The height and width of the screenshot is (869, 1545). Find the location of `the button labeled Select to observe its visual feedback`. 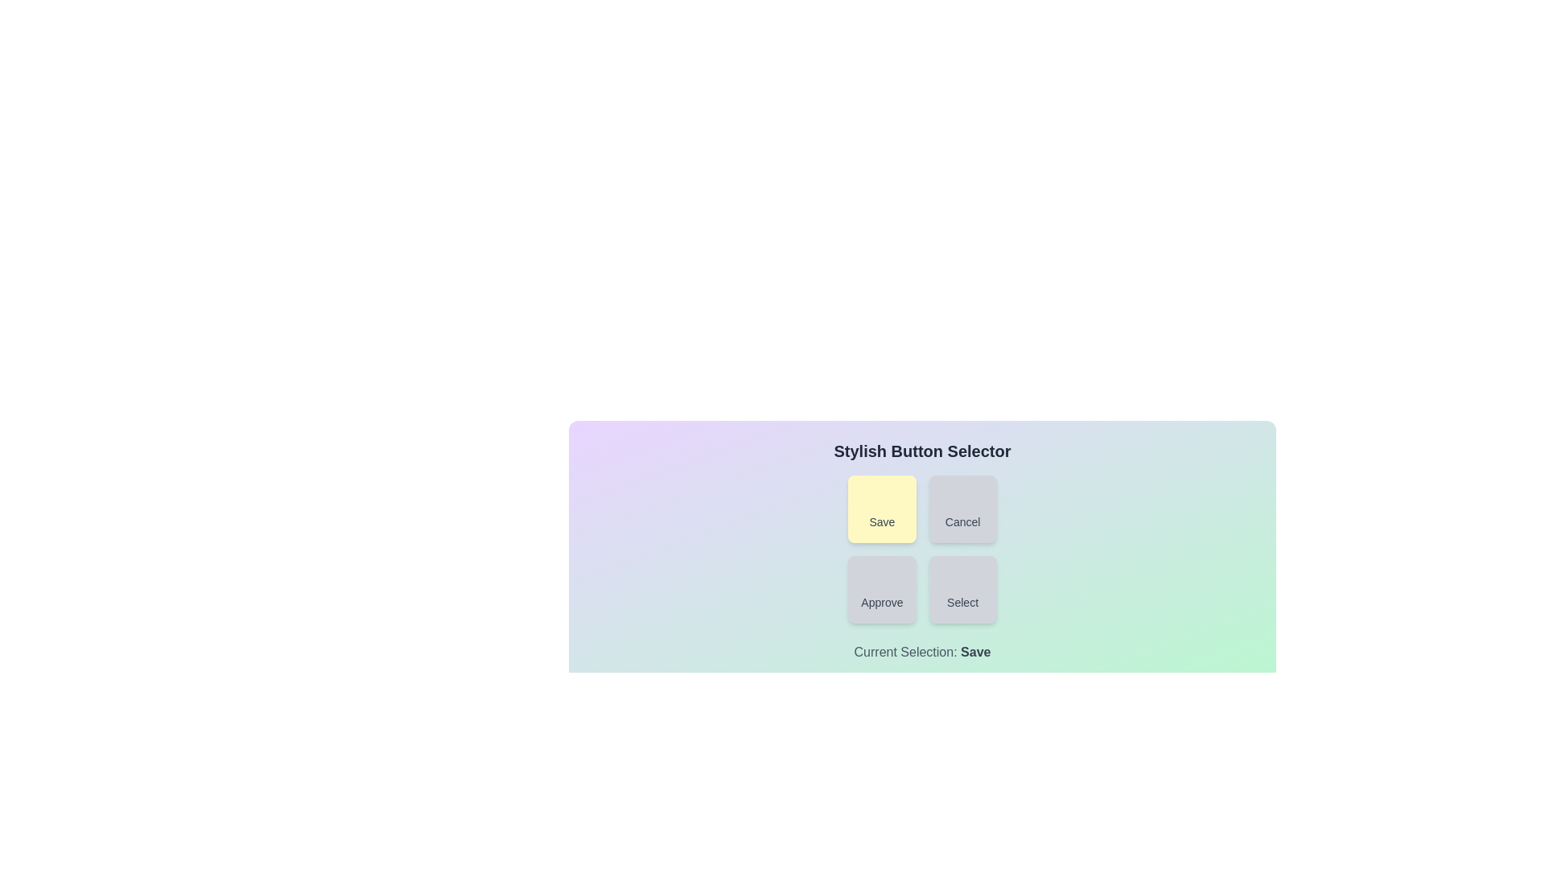

the button labeled Select to observe its visual feedback is located at coordinates (962, 589).